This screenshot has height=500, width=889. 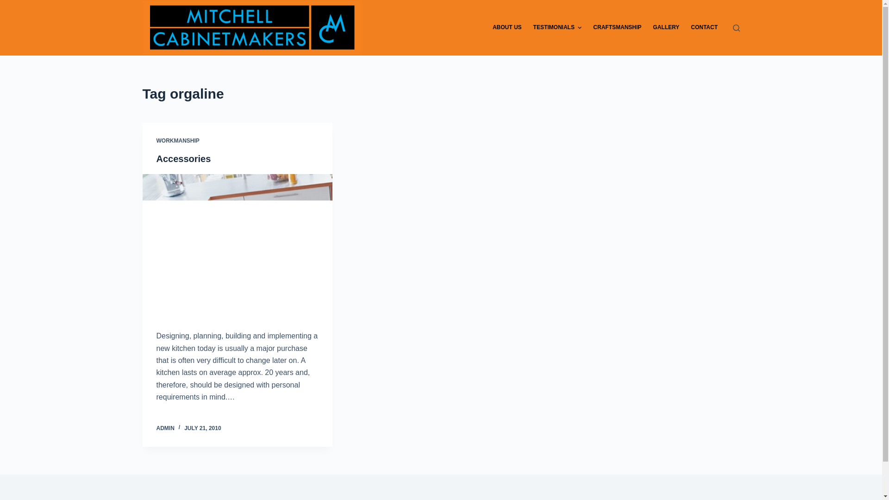 I want to click on 'CONTACT', so click(x=704, y=27).